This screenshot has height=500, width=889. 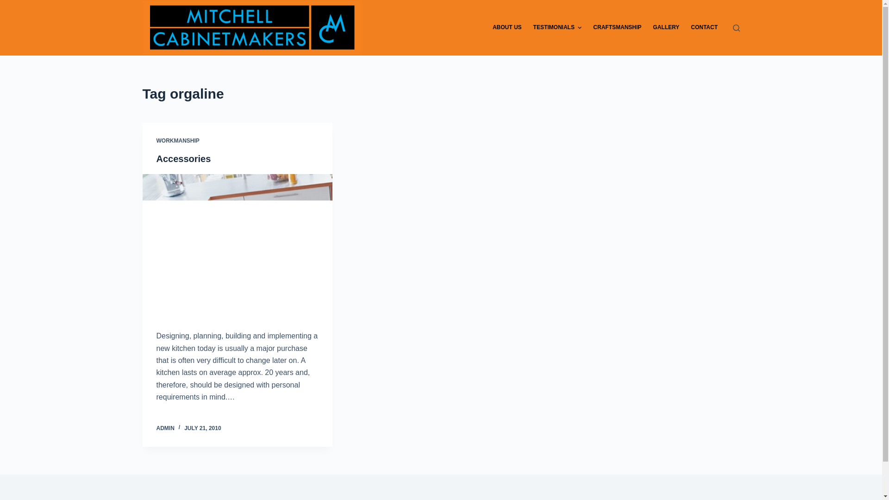 I want to click on 'CONTACT', so click(x=704, y=27).